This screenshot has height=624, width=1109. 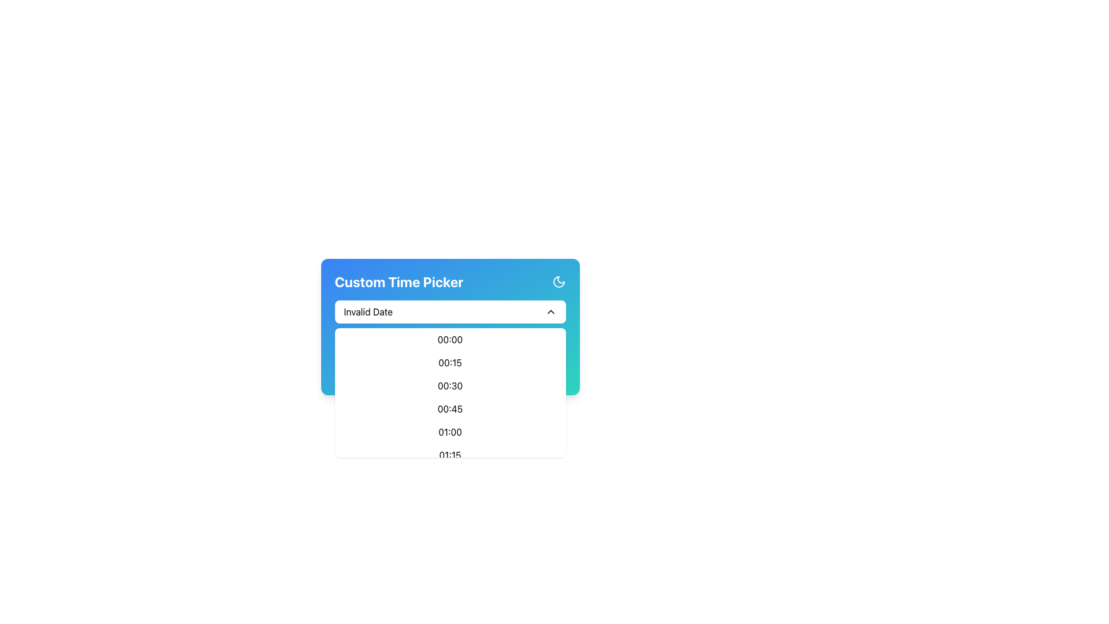 What do you see at coordinates (449, 432) in the screenshot?
I see `to select the dropdown list item displaying '01:00', which is the fifth item in the list, located between '00:45' and '01:15'` at bounding box center [449, 432].